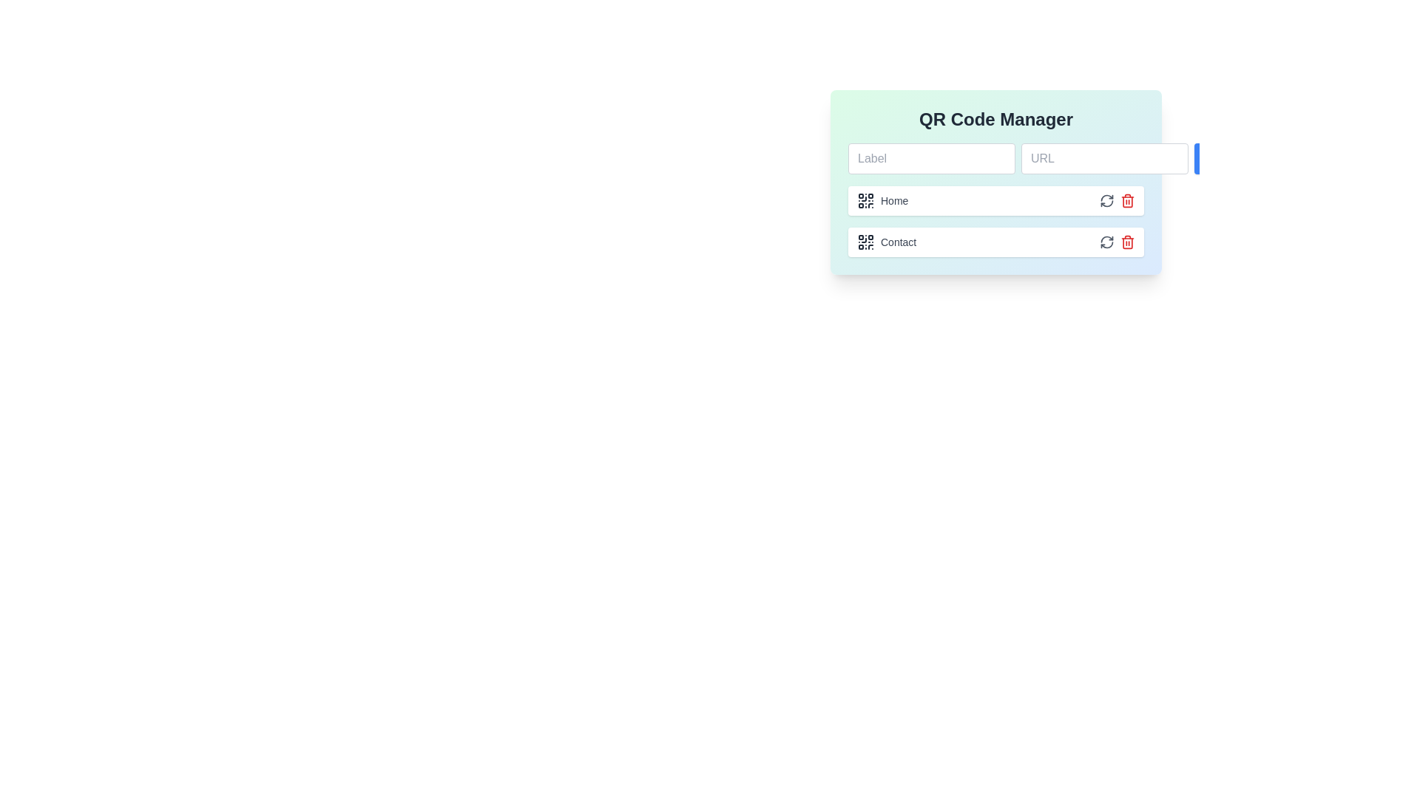  What do you see at coordinates (893, 201) in the screenshot?
I see `the static text label 'Home' that is styled with a smaller font size and gray color, located in the middle of the card-like interface under the heading 'QR Code Manager.'` at bounding box center [893, 201].